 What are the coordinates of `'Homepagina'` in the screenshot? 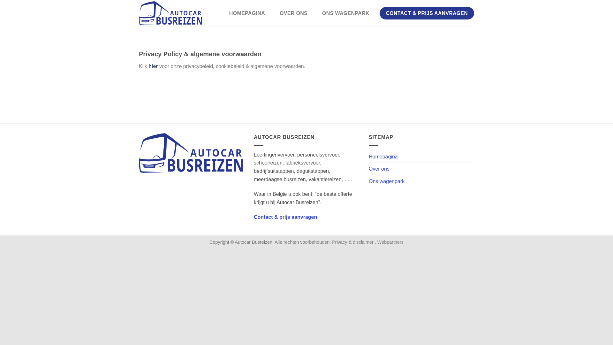 It's located at (383, 157).